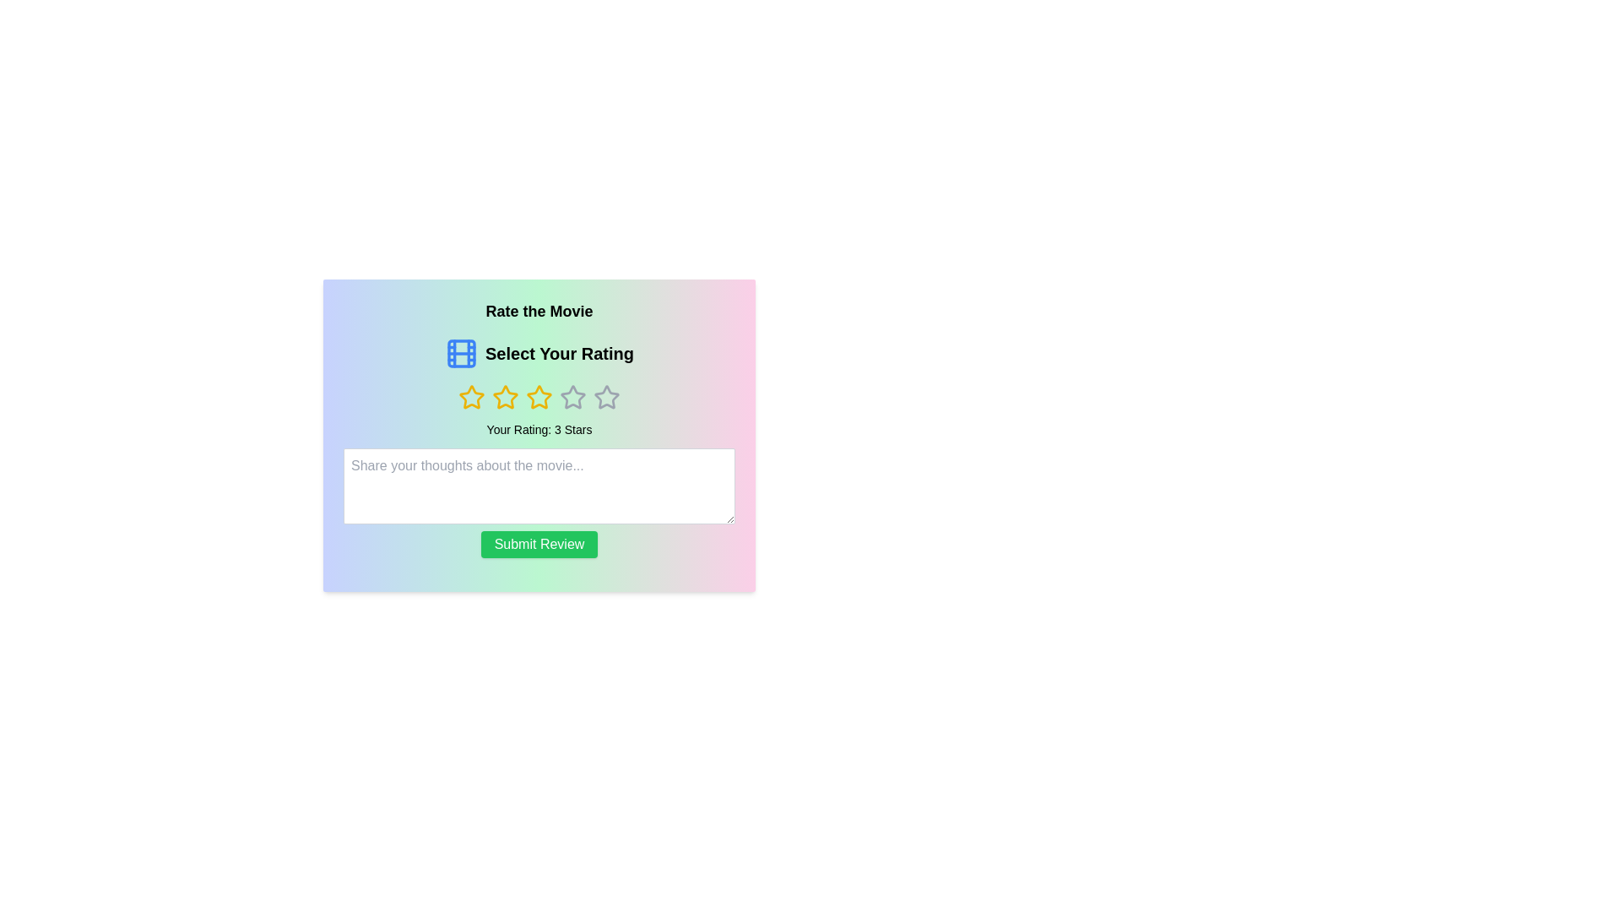  Describe the element at coordinates (538, 312) in the screenshot. I see `the header text element that introduces the user to the movie rating section, which is located at the top of its gradient-colored card and above the 'Select Your Rating' text` at that location.